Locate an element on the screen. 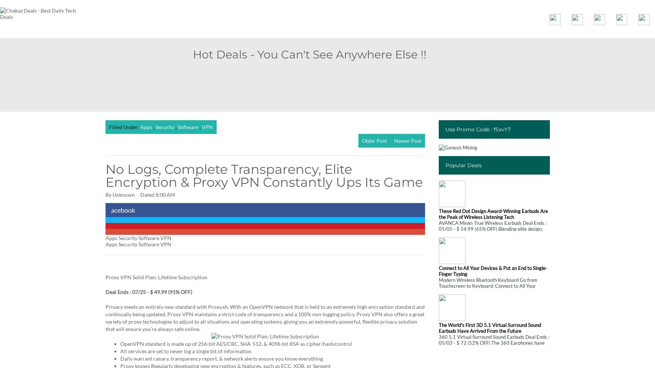  'Privacy meets an entirely new standard with Proxy.sh. With an OpenVPN network that is held to an extremely high encryption standard and continually being updated, Proxy VPN maintains a strict code of transparency and a 100% non-logging policy. Proxy VPN also offers a great variety of proxy technologies to adjust to all situations and operating systems, giving you an extremely powerful, flexible privacy solution that will ensure you're always safe online.' is located at coordinates (264, 318).